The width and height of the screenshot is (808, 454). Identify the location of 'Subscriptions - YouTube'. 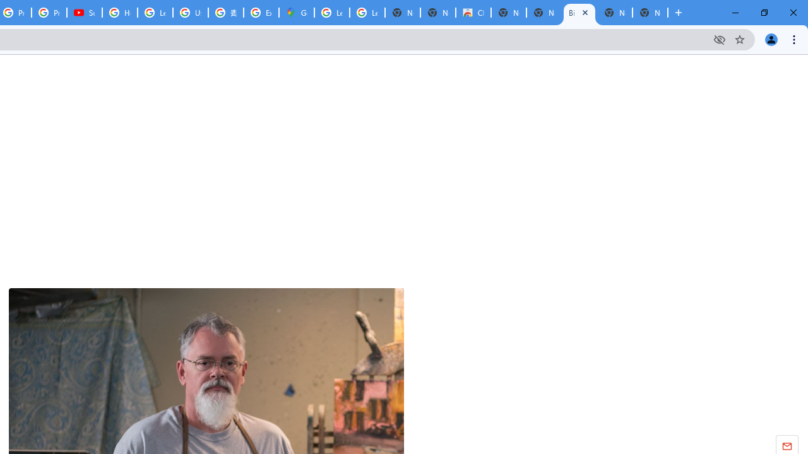
(84, 13).